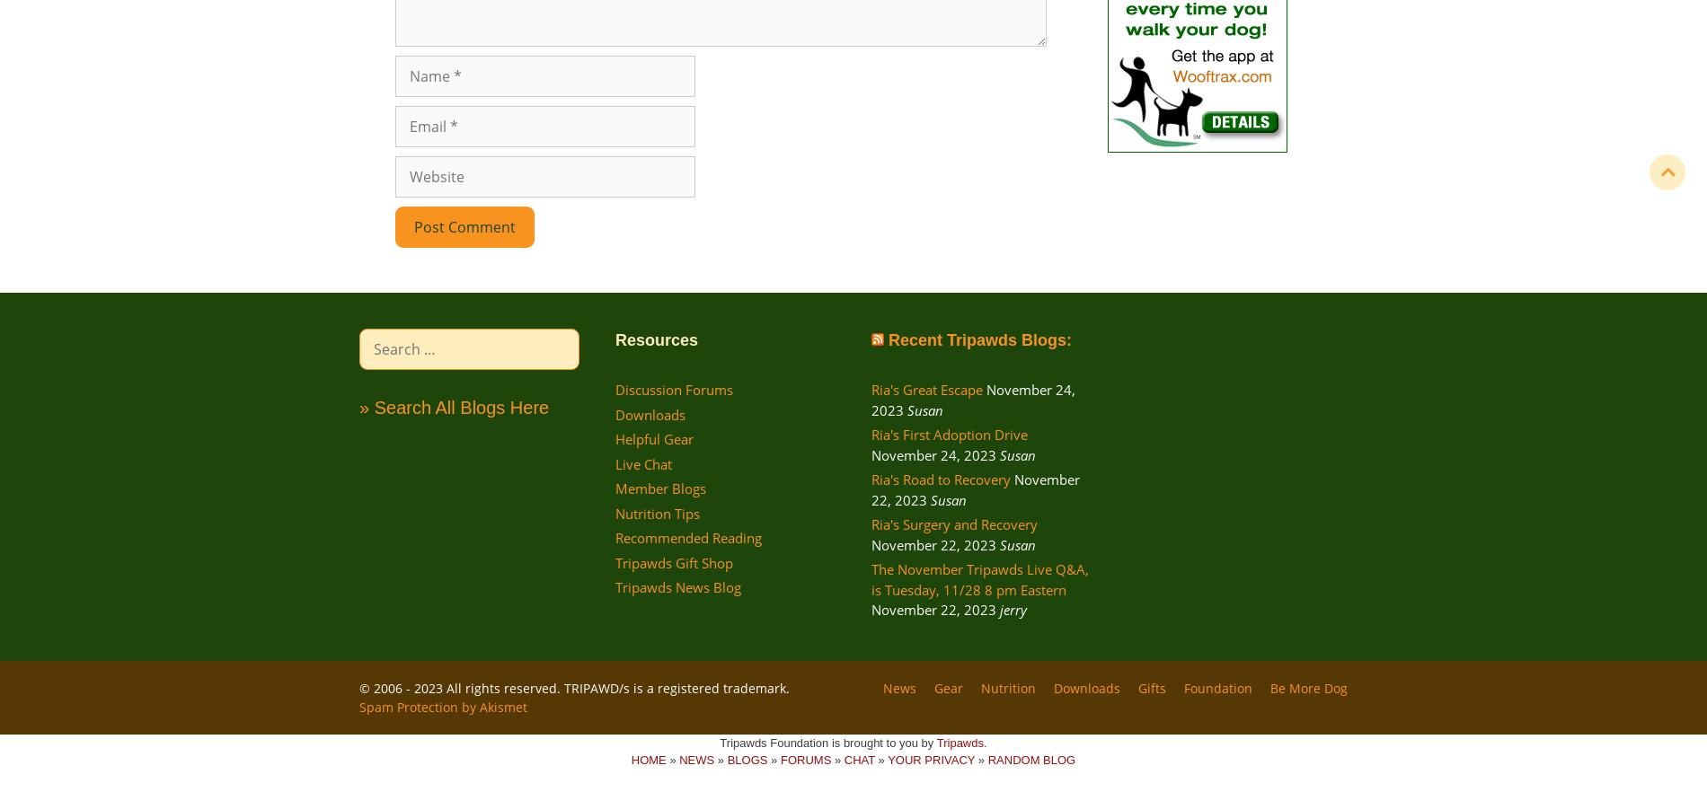 This screenshot has height=792, width=1707. What do you see at coordinates (931, 760) in the screenshot?
I see `'YOUR PRIVACY'` at bounding box center [931, 760].